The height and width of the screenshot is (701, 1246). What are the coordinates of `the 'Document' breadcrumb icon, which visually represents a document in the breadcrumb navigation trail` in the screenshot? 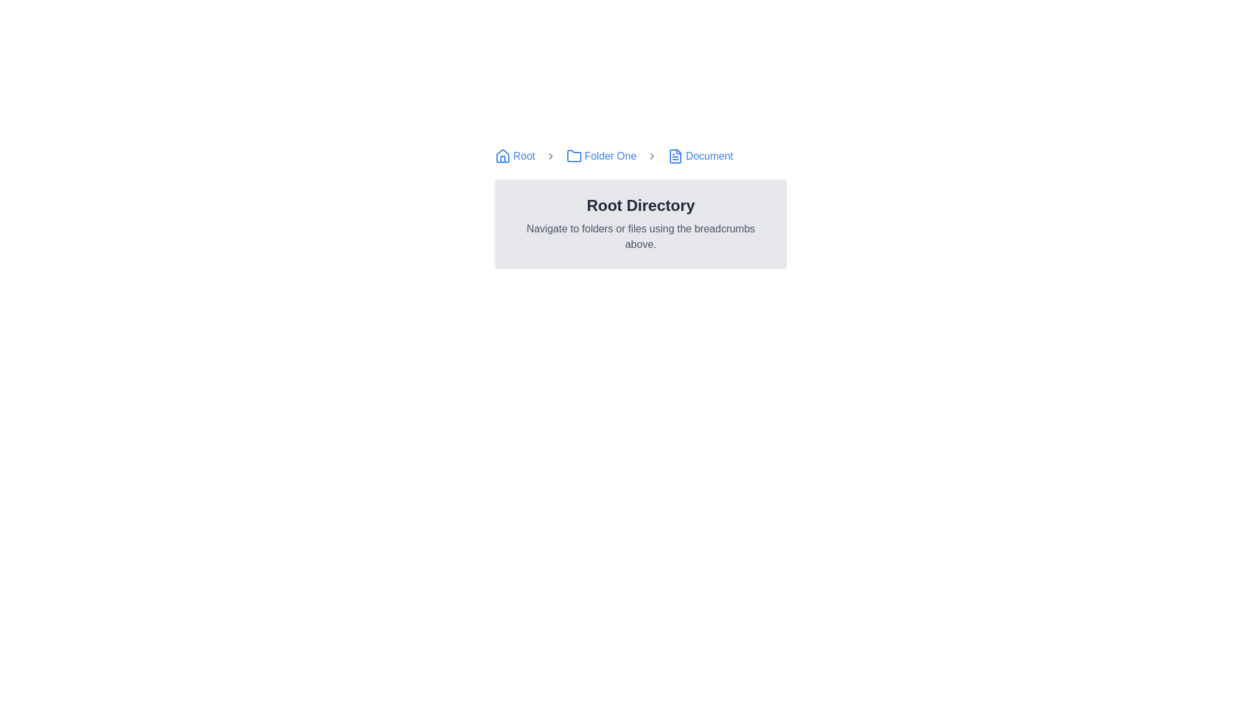 It's located at (675, 155).